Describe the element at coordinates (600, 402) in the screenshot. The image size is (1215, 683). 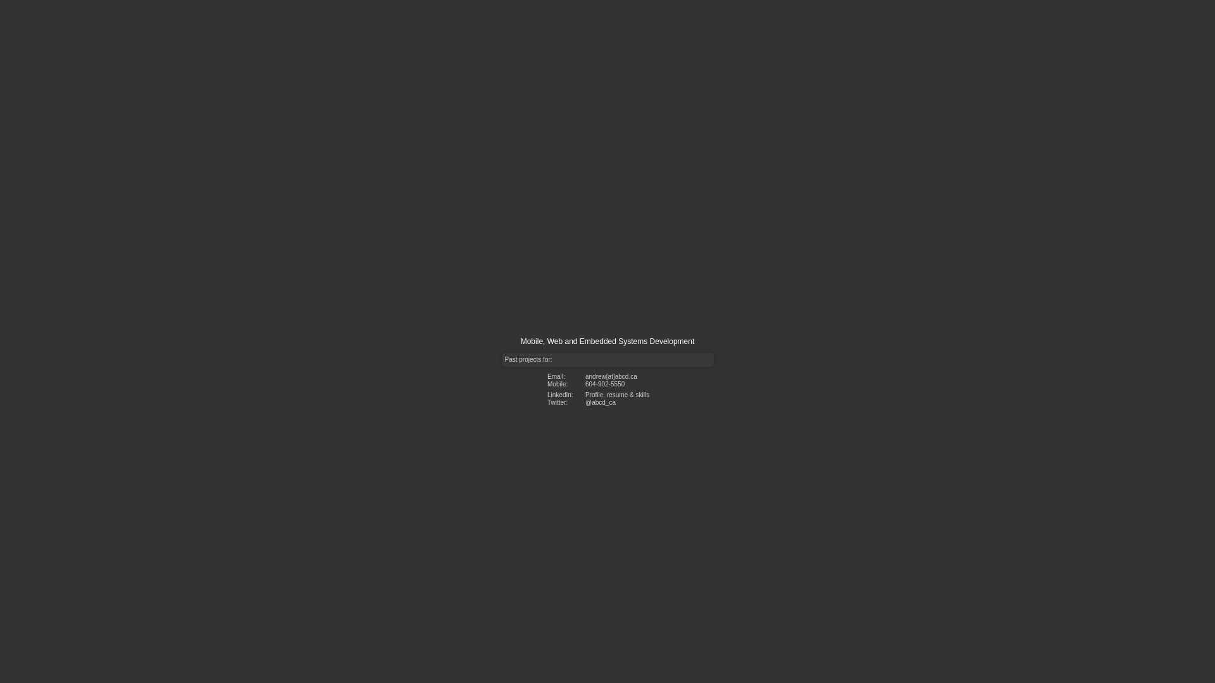
I see `'@abcd_ca'` at that location.